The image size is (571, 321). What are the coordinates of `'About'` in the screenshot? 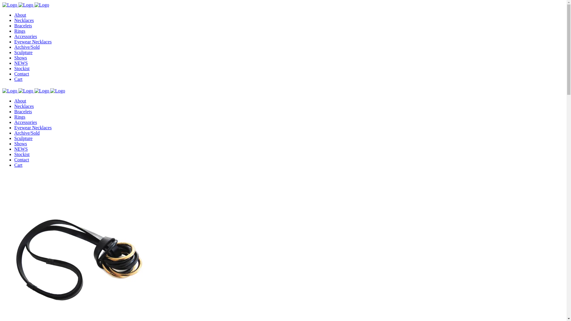 It's located at (20, 15).